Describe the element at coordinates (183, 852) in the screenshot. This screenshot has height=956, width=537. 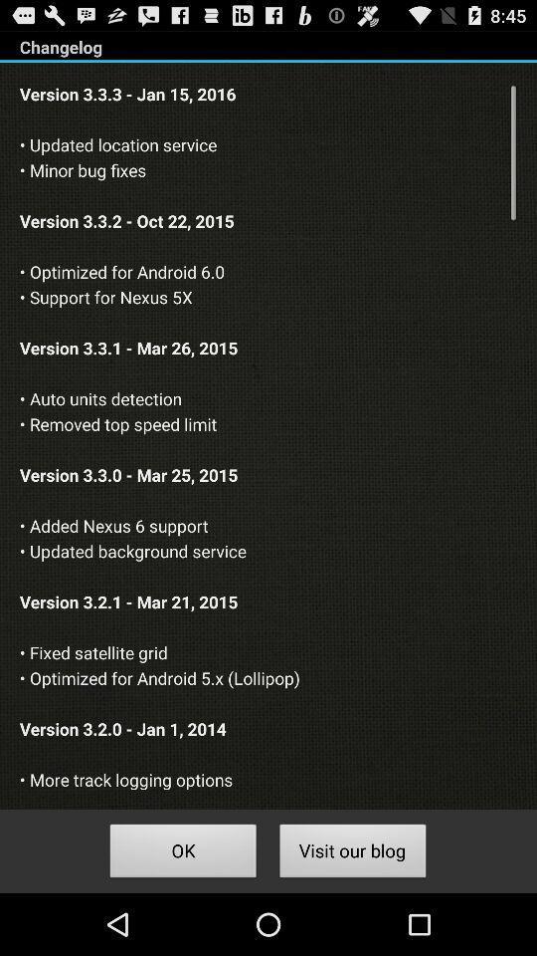
I see `ok button` at that location.